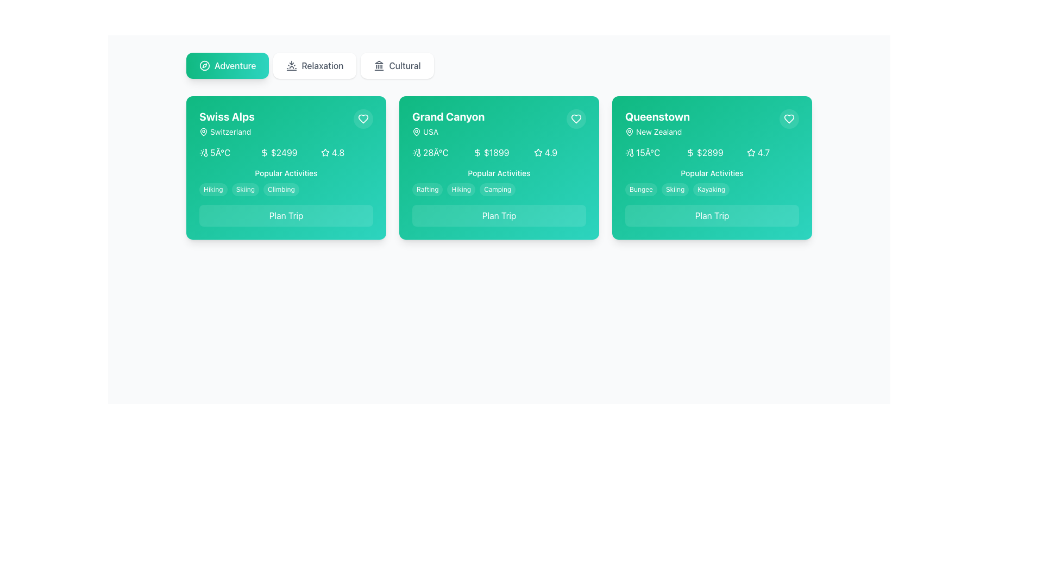 The image size is (1043, 587). I want to click on the temperature label for the 'Queenstown' location, which is located beneath the title 'New Zealand' and to the left of the price text '$2899', so click(651, 153).